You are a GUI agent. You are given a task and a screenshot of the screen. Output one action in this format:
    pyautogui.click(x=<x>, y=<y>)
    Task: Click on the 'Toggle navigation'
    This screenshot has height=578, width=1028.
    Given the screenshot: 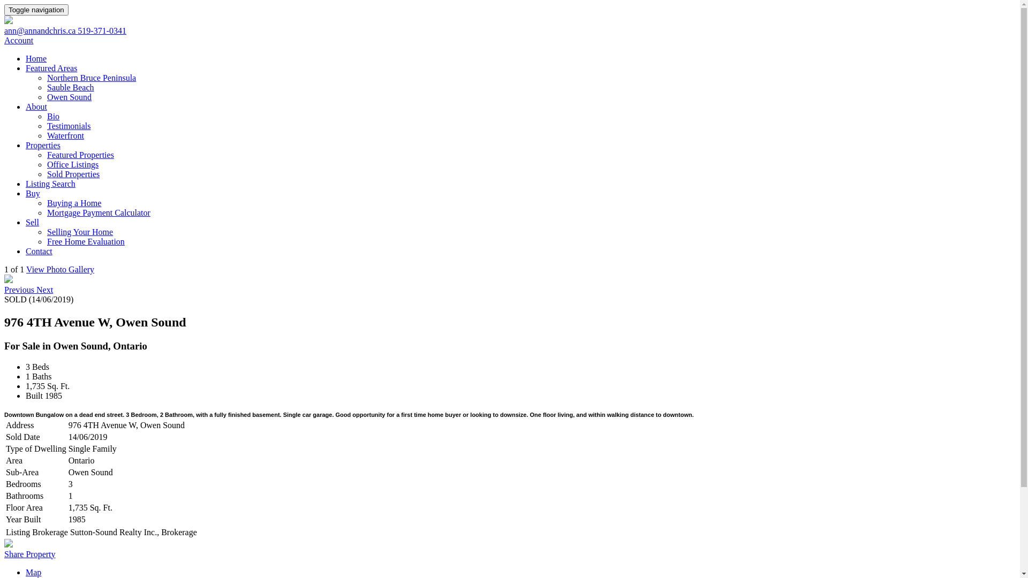 What is the action you would take?
    pyautogui.click(x=4, y=10)
    